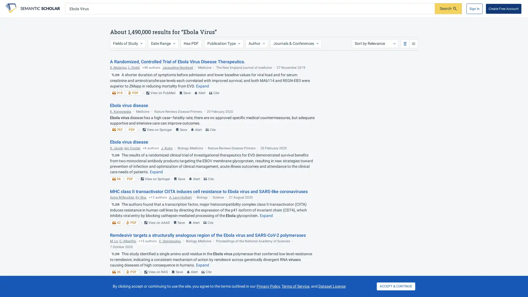 The image size is (528, 297). Describe the element at coordinates (474, 9) in the screenshot. I see `Sign In` at that location.